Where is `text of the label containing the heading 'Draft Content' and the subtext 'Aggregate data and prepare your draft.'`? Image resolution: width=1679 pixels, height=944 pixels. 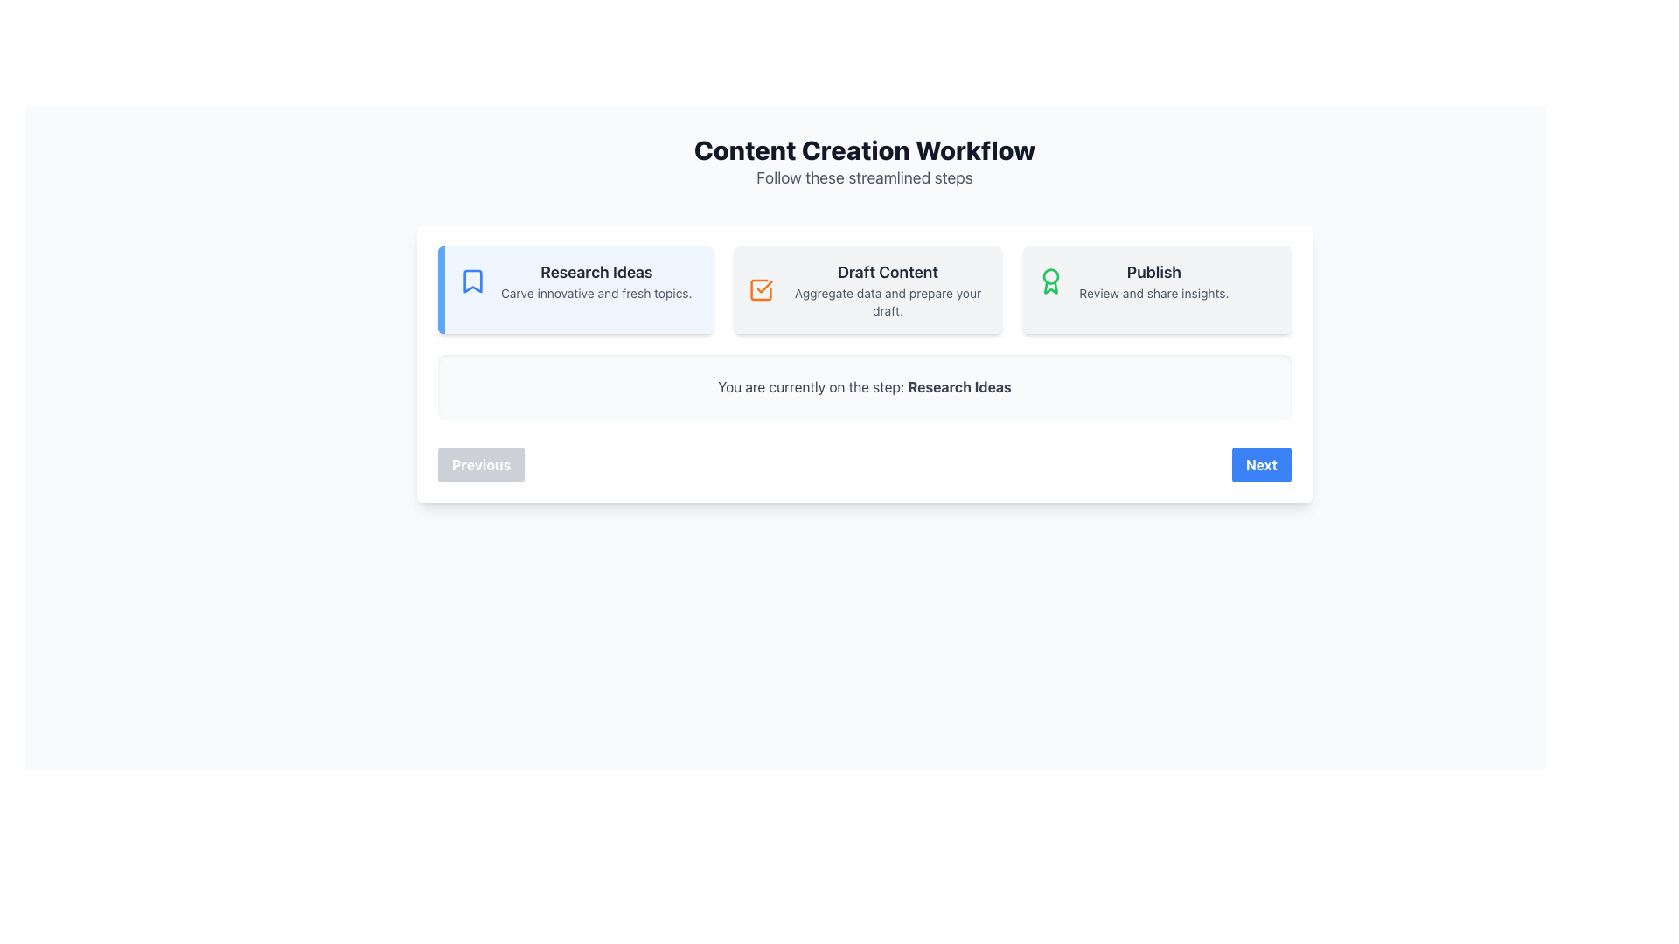
text of the label containing the heading 'Draft Content' and the subtext 'Aggregate data and prepare your draft.' is located at coordinates (888, 288).